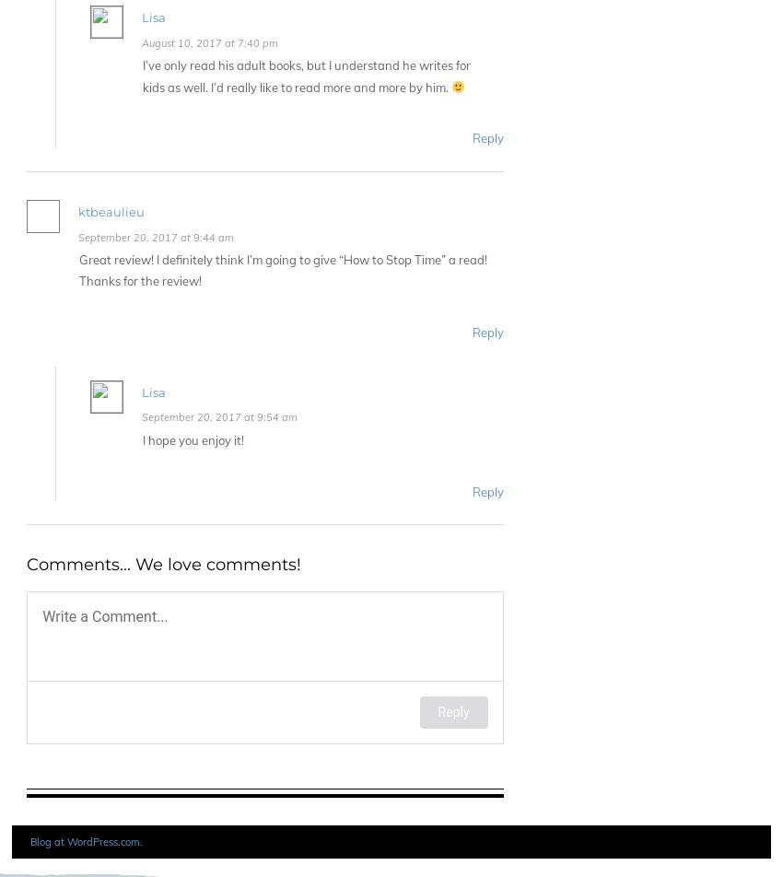 This screenshot has height=877, width=783. What do you see at coordinates (283, 270) in the screenshot?
I see `'Great review!  I definitely think I’m going to give “How to Stop Time” a read! Thanks for the review!'` at bounding box center [283, 270].